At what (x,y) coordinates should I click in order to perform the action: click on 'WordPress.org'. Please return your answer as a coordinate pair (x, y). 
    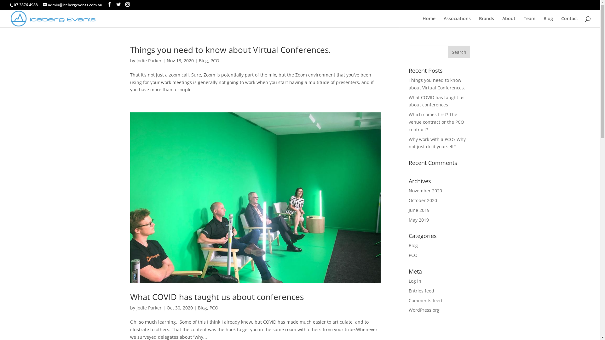
    Looking at the image, I should click on (408, 309).